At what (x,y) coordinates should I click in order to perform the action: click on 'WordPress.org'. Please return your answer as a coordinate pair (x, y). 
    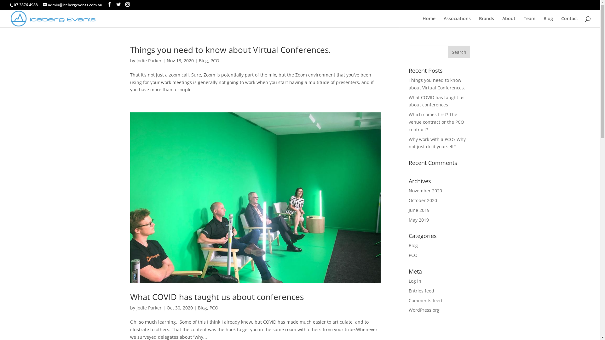
    Looking at the image, I should click on (408, 309).